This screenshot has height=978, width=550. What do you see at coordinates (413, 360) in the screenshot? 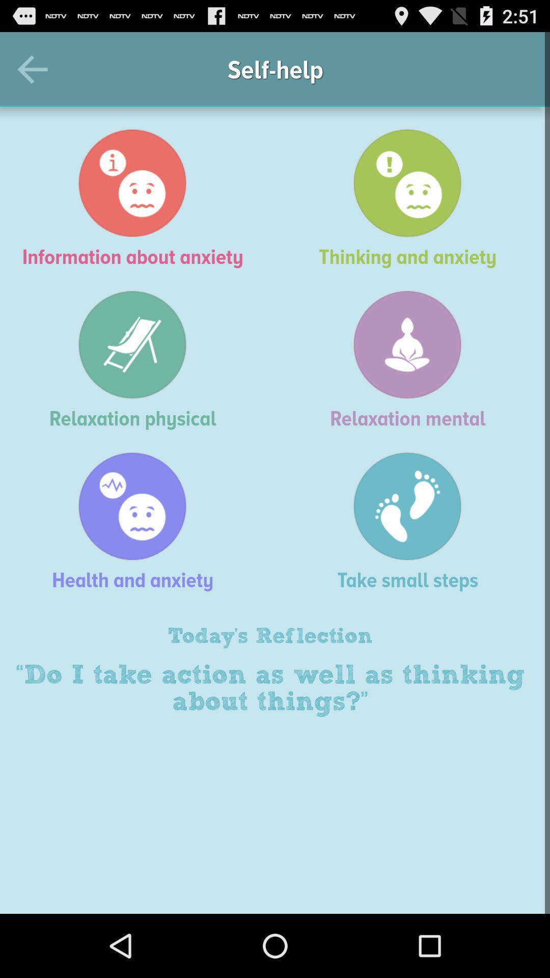
I see `relaxation mental` at bounding box center [413, 360].